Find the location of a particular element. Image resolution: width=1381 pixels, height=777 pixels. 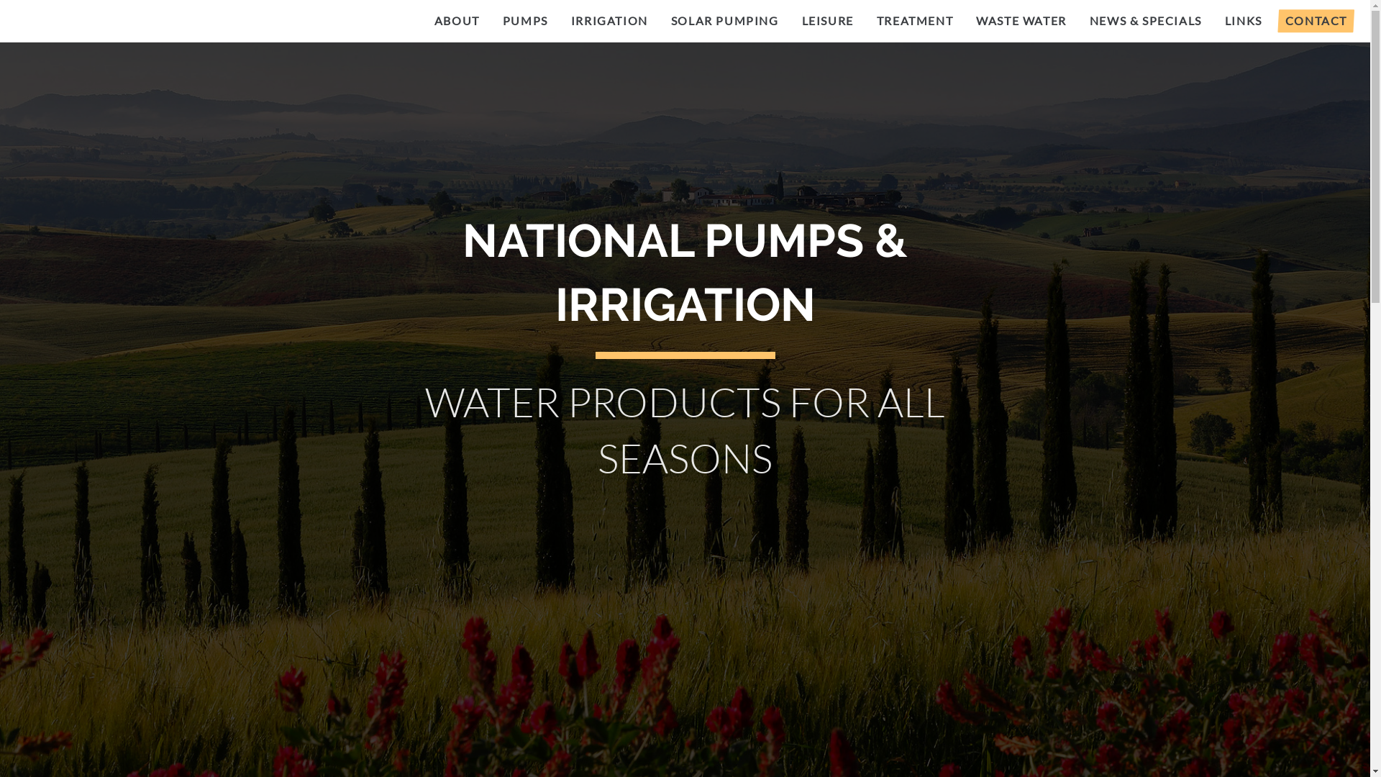

'NEWS & SPECIALS' is located at coordinates (1145, 21).